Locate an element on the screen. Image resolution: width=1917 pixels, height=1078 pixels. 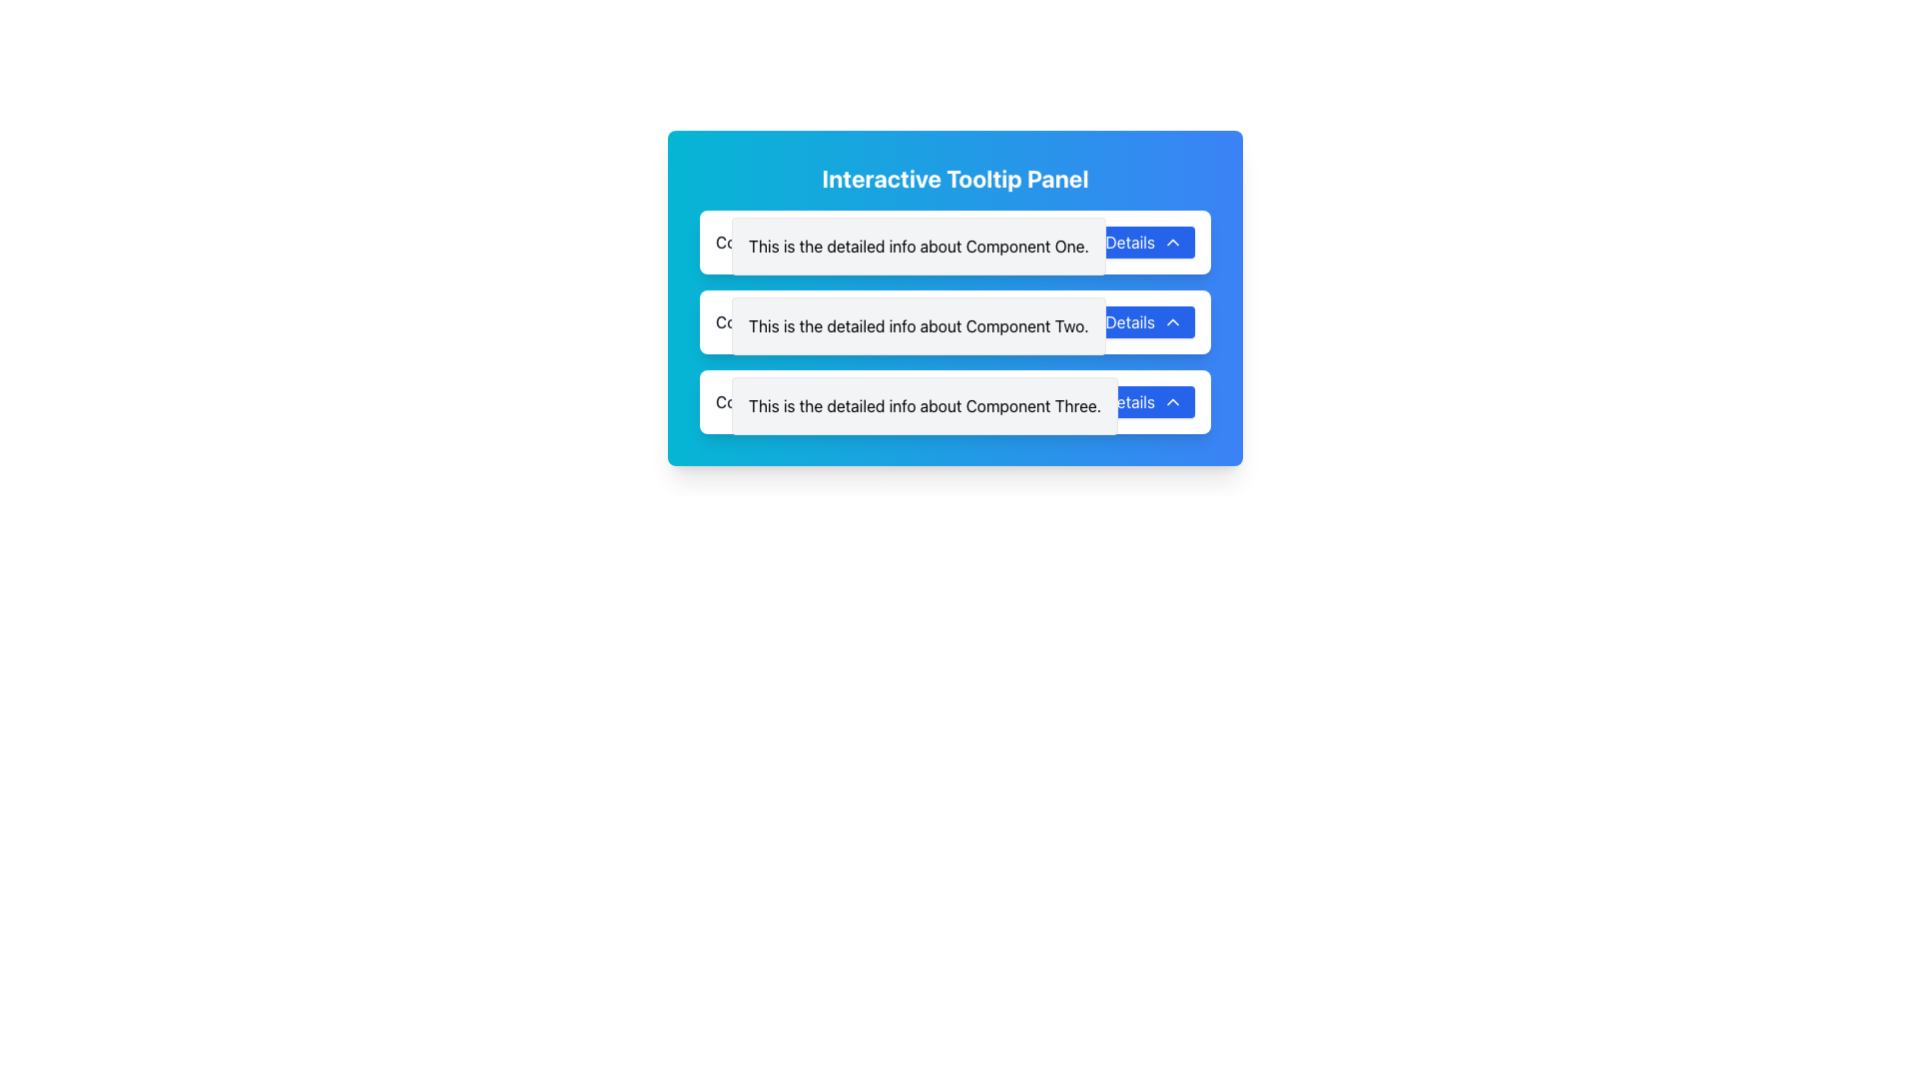
the 'Details' button with a bright blue background and white text is located at coordinates (1144, 401).